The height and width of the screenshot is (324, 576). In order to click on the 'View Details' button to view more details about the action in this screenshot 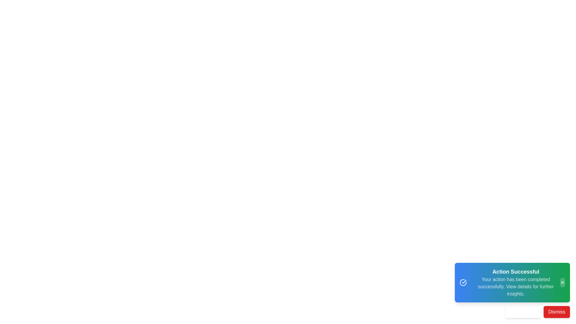, I will do `click(523, 312)`.